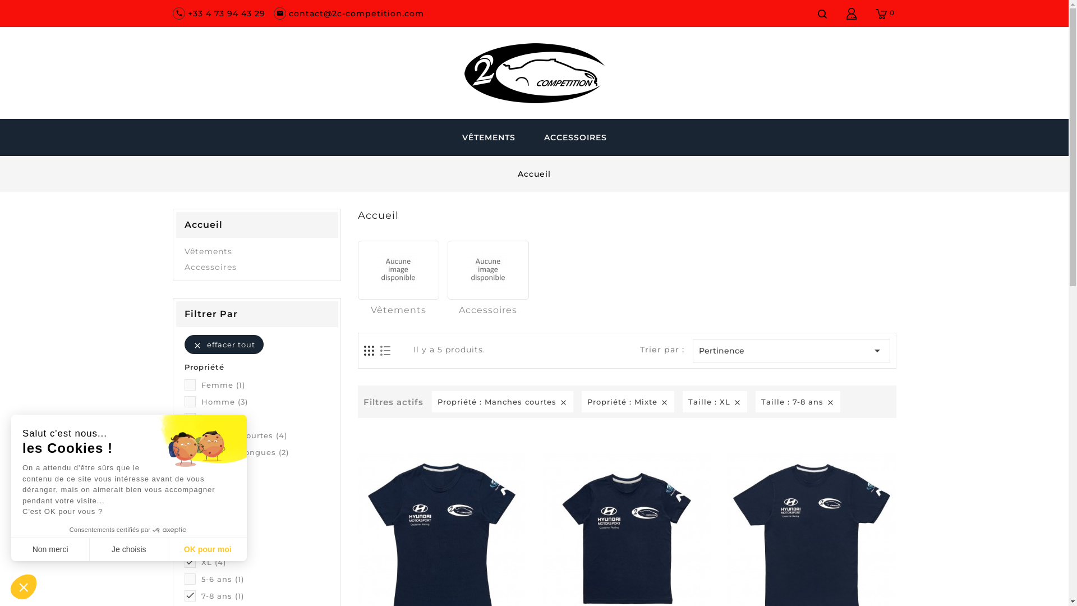  What do you see at coordinates (207, 549) in the screenshot?
I see `'OK pour moi'` at bounding box center [207, 549].